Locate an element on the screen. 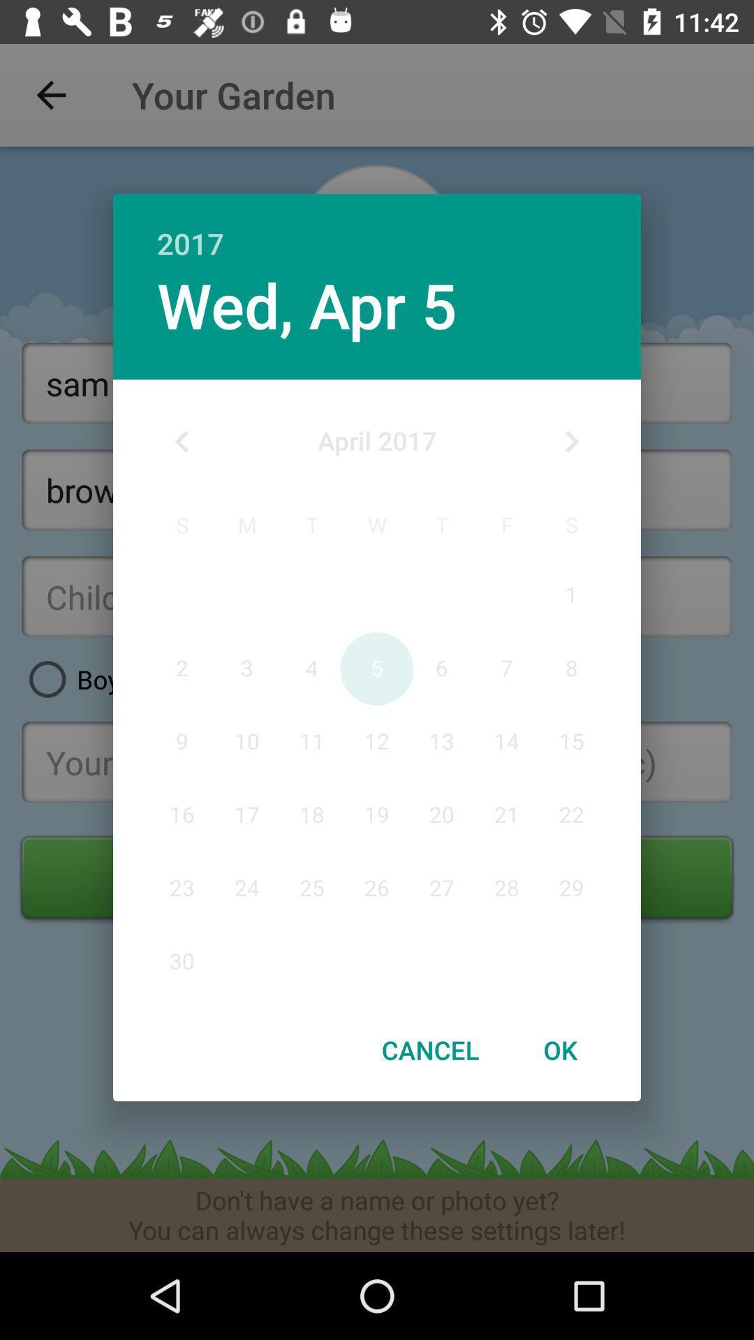  the 2017 is located at coordinates (377, 228).